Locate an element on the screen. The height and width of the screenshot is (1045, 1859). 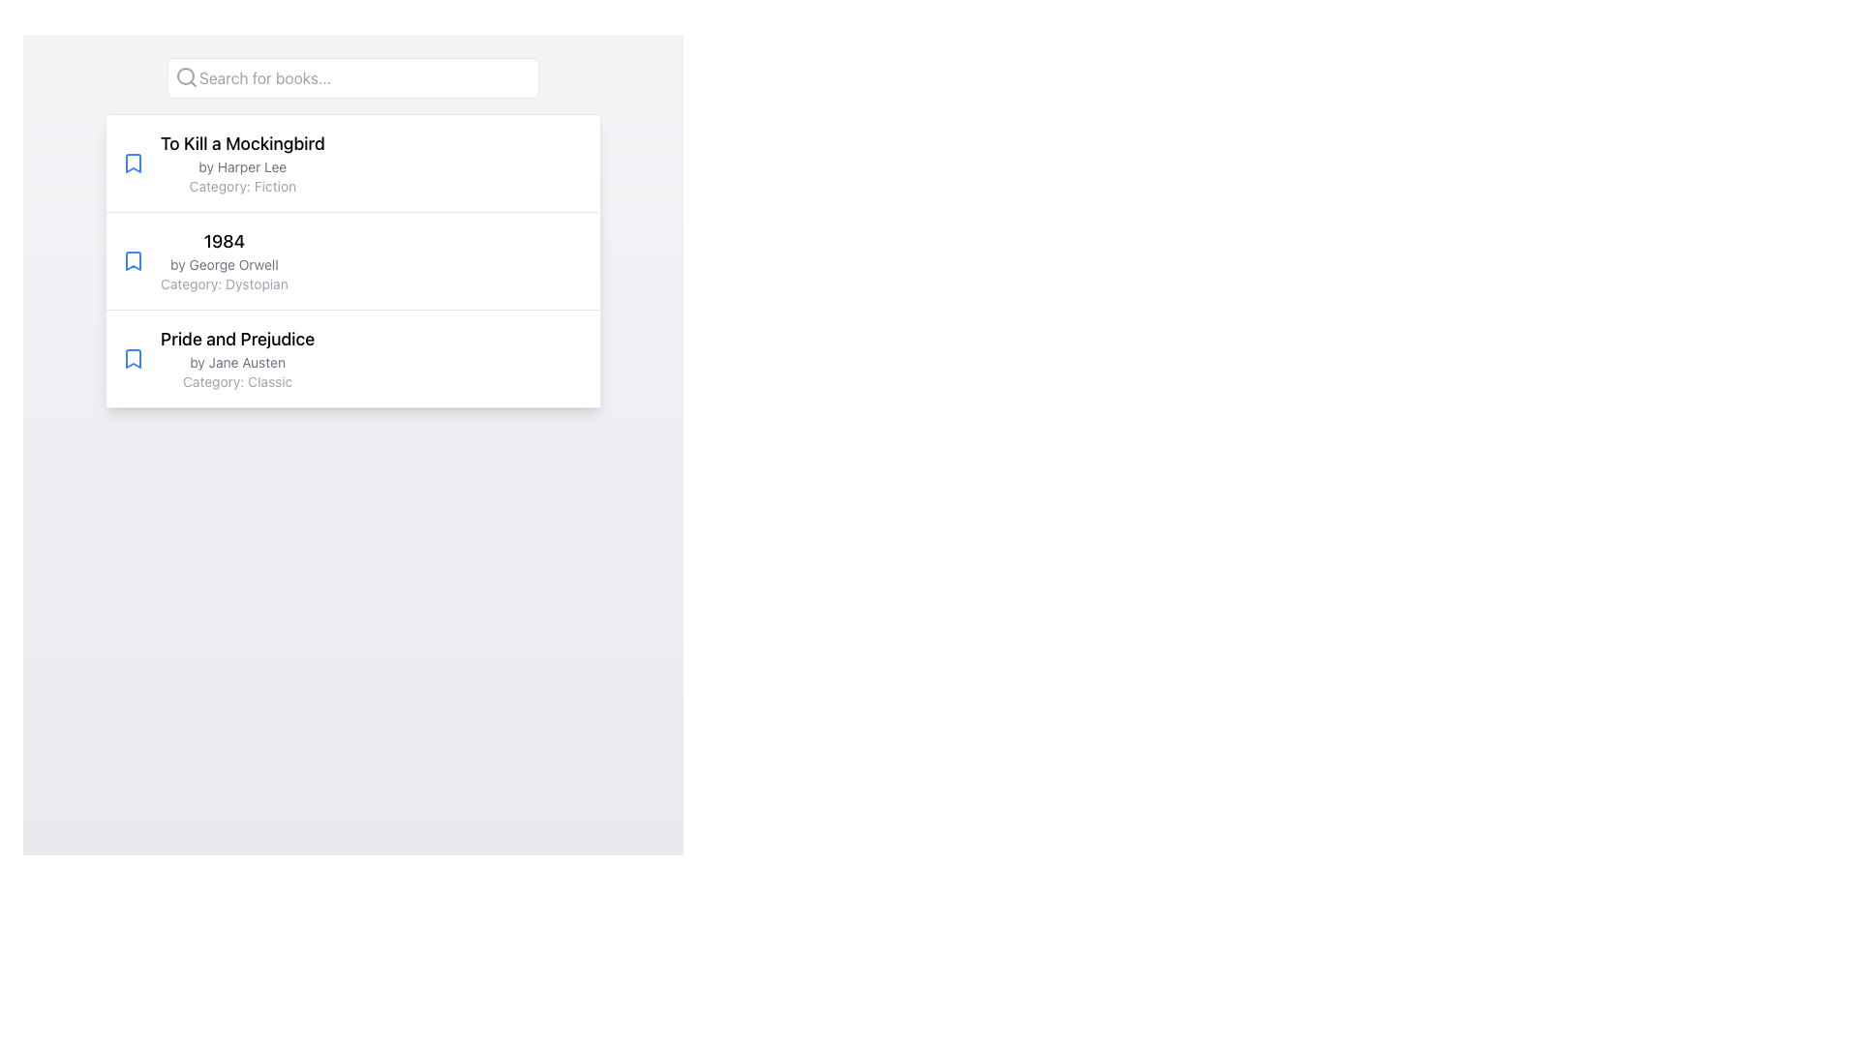
the circular part of the magnifying glass icon located in the top-left corner of the search bar is located at coordinates (186, 75).